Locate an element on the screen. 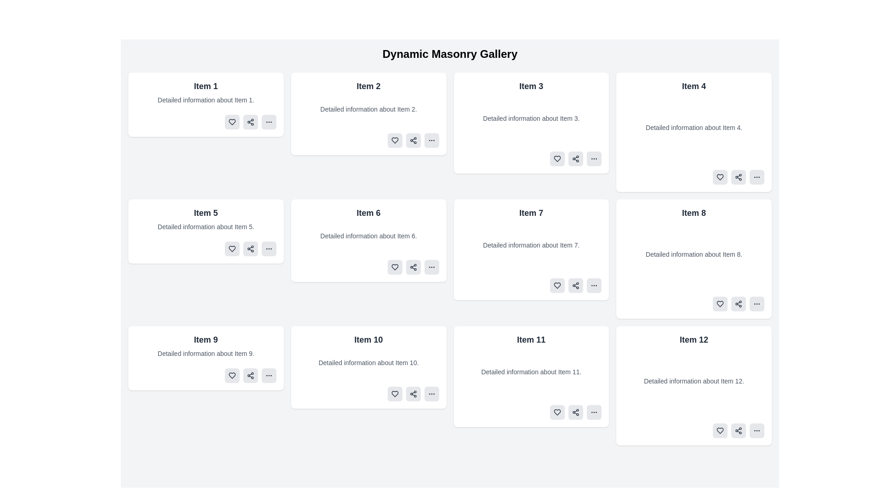 This screenshot has width=883, height=496. the heart icon button with a gray background located in the action toolbar under Item 3 in the third column of the first row to like or unlike is located at coordinates (557, 158).